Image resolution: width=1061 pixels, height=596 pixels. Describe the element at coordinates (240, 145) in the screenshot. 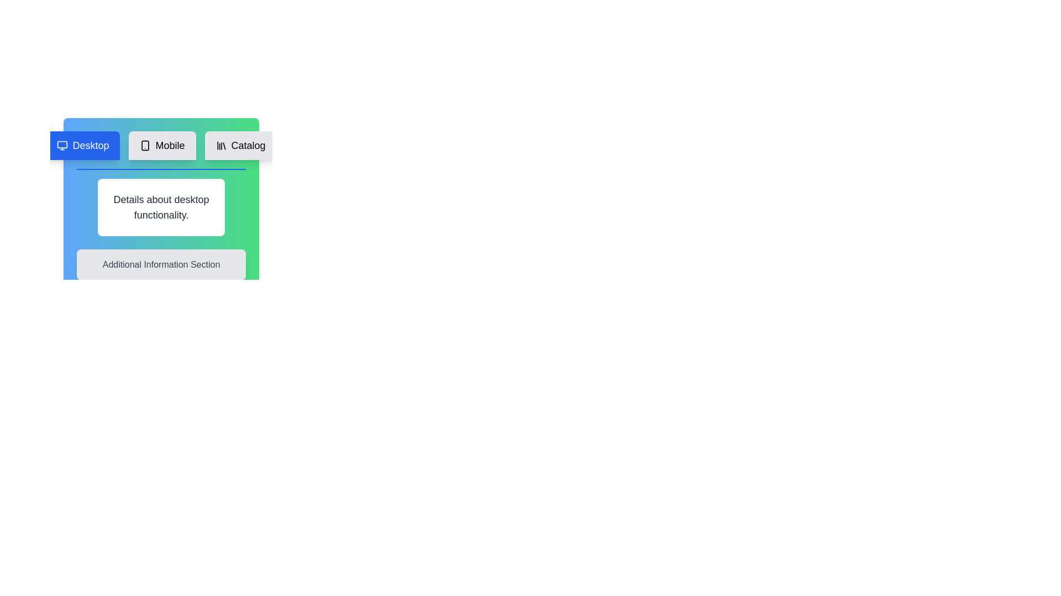

I see `the Catalog tab` at that location.